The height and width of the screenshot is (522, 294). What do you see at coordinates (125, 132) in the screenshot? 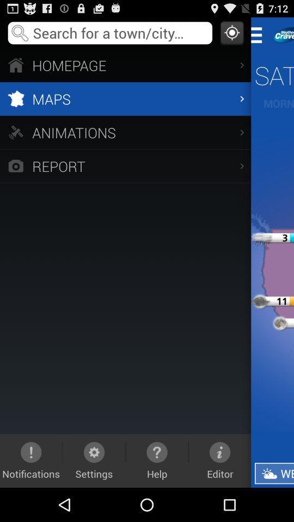
I see `the app above the report app` at bounding box center [125, 132].